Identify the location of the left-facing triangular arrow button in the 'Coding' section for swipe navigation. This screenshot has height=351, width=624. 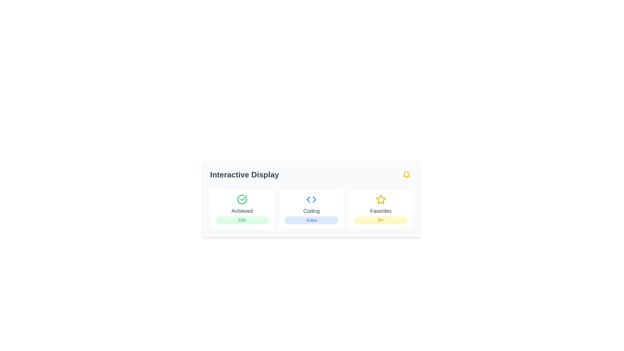
(308, 199).